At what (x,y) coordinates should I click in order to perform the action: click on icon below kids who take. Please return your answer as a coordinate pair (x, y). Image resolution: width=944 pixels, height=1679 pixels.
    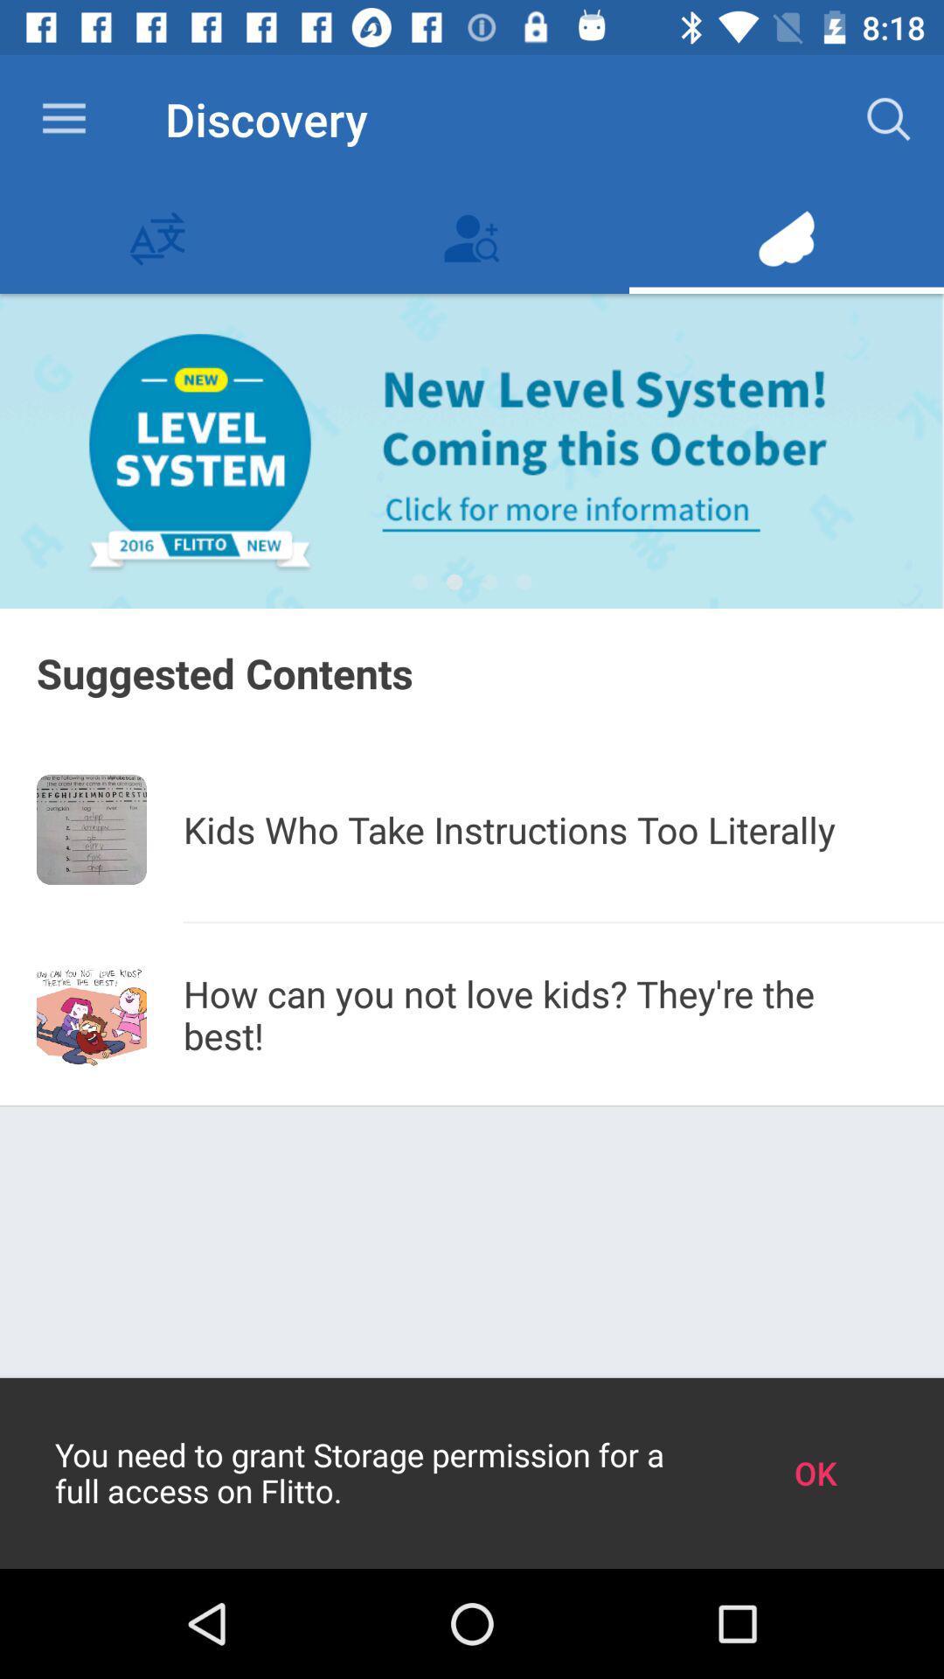
    Looking at the image, I should click on (563, 921).